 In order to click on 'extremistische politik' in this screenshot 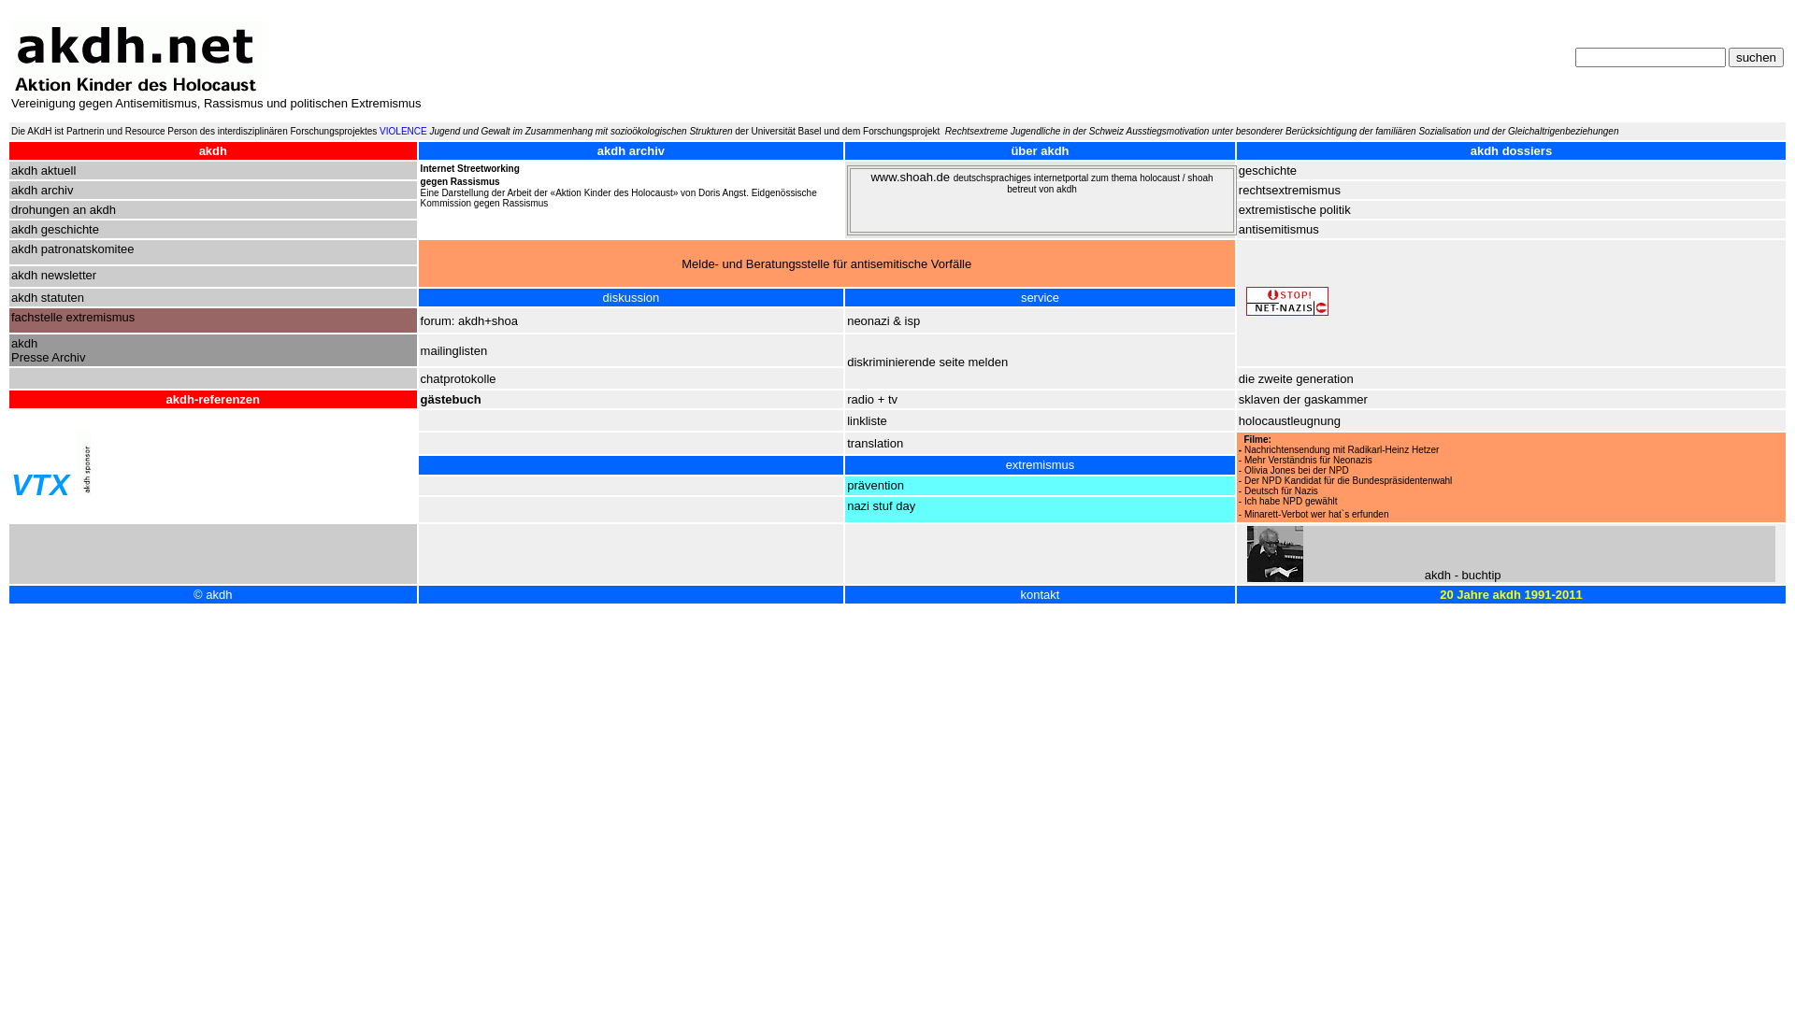, I will do `click(1294, 209)`.